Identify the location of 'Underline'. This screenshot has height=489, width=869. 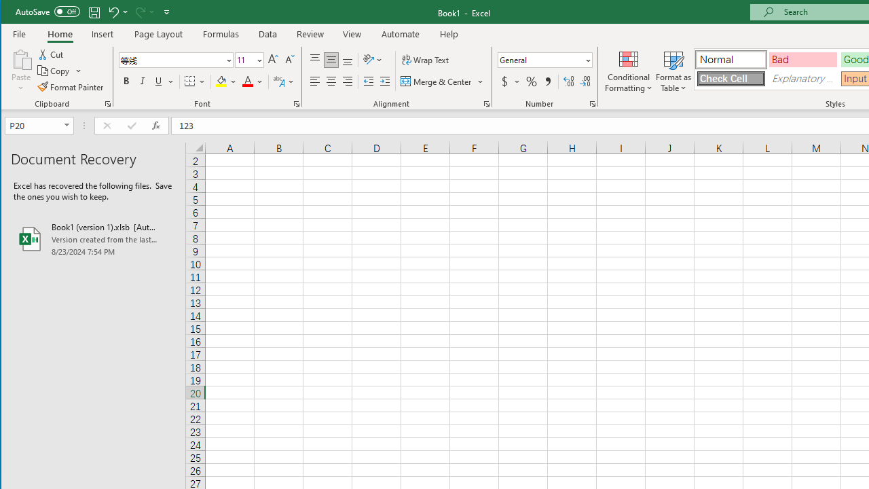
(158, 81).